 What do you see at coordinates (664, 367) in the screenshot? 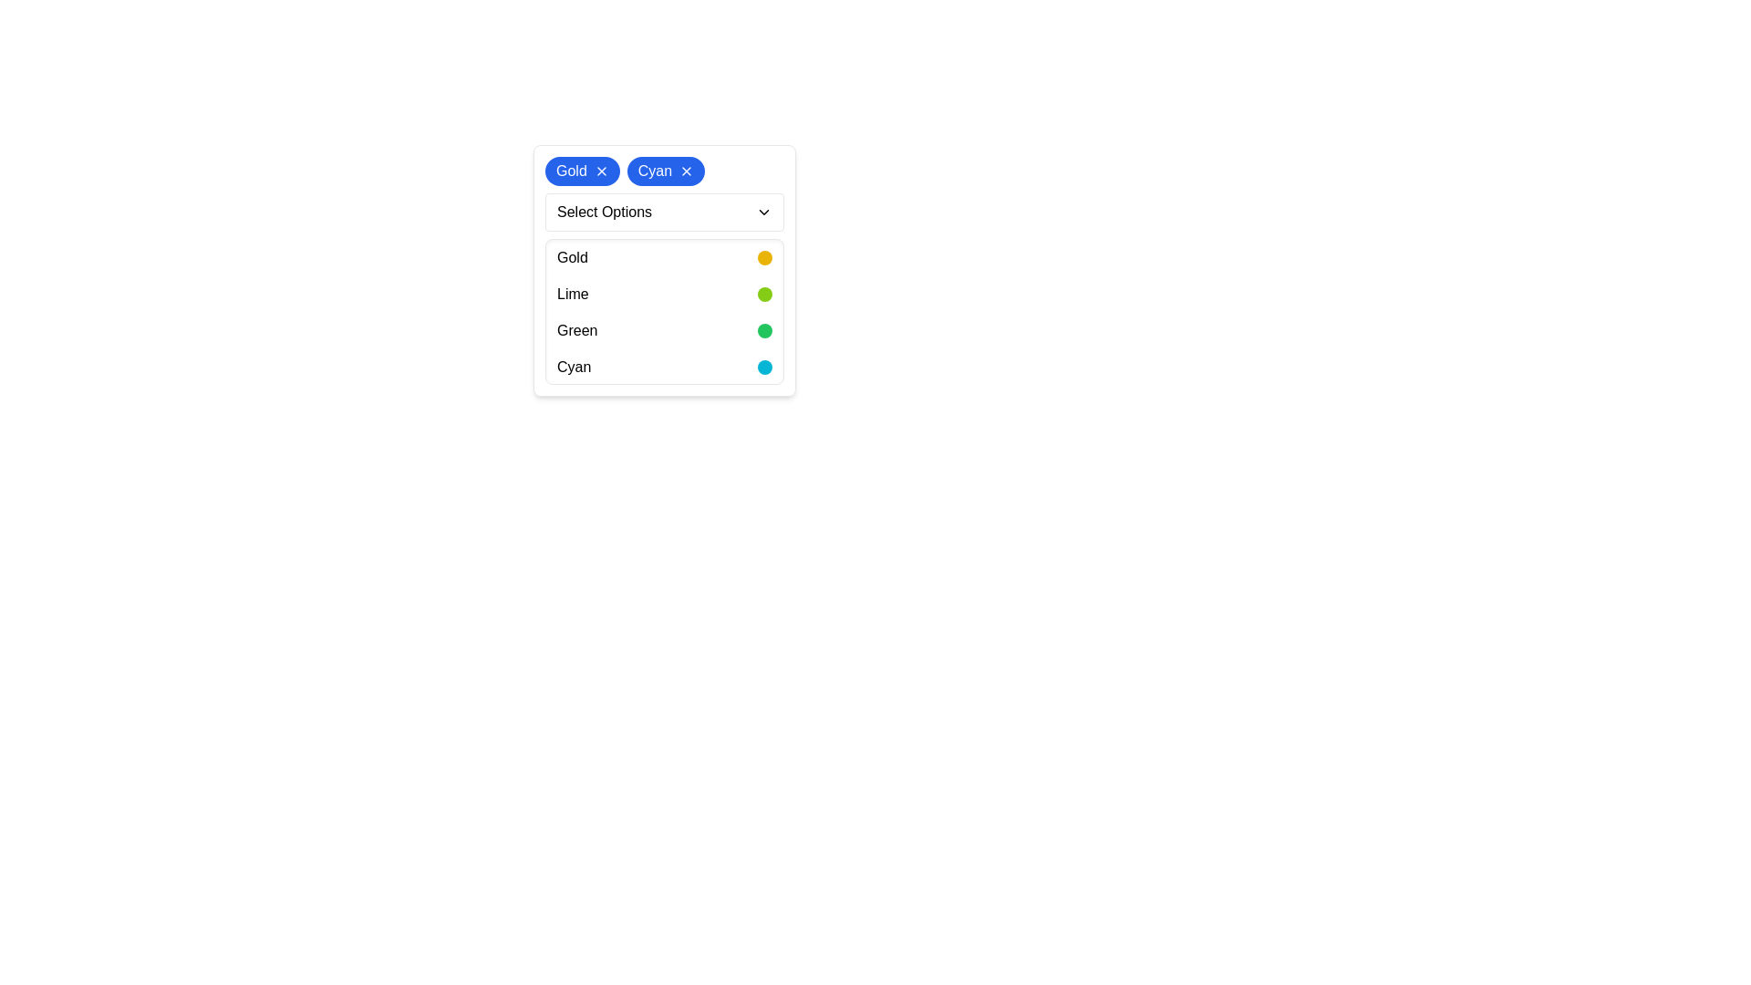
I see `to select the 'Cyan' option in the dropdown menu, which is the last item in the list and features a small cyan-colored badge on the right` at bounding box center [664, 367].